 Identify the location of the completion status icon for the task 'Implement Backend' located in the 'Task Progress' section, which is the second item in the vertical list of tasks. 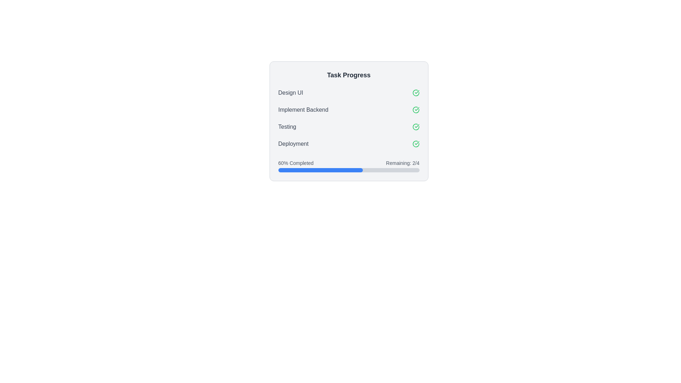
(416, 110).